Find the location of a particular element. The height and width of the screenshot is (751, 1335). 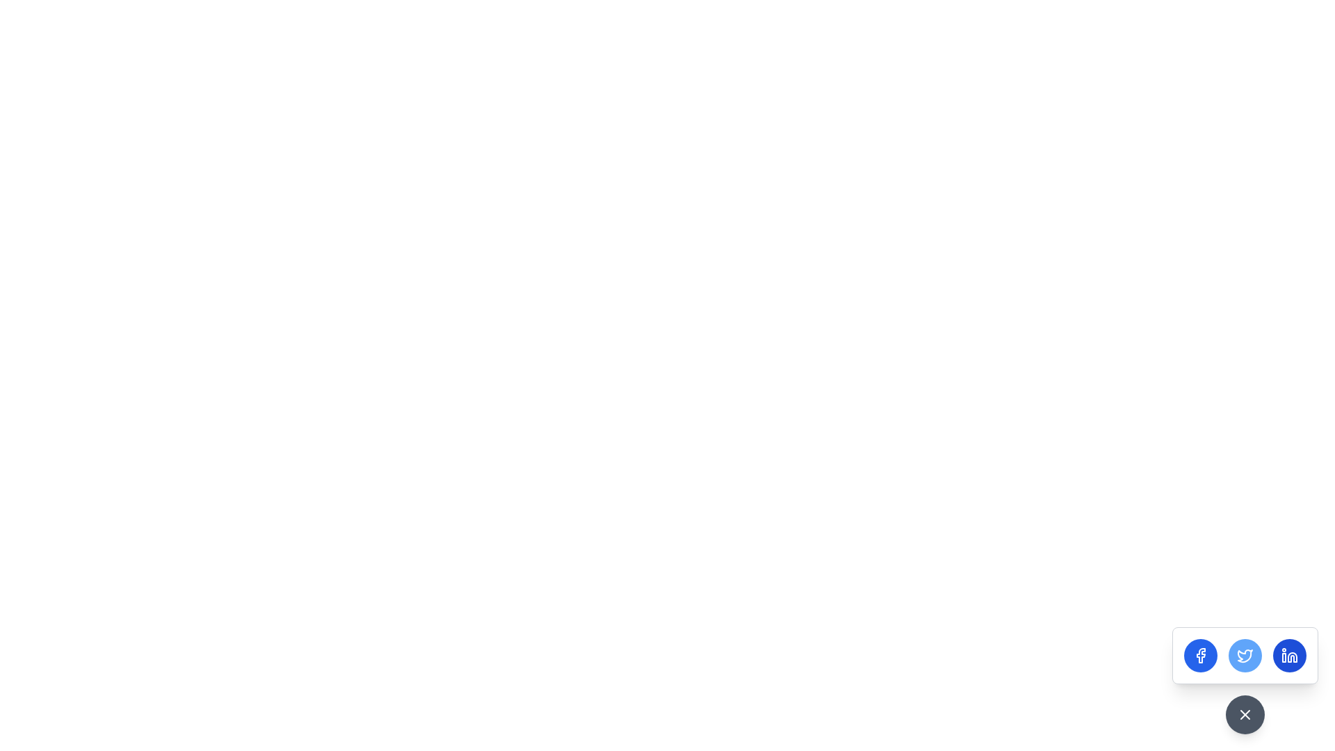

the close button located at the bottom-right corner of the floating menu is located at coordinates (1245, 680).